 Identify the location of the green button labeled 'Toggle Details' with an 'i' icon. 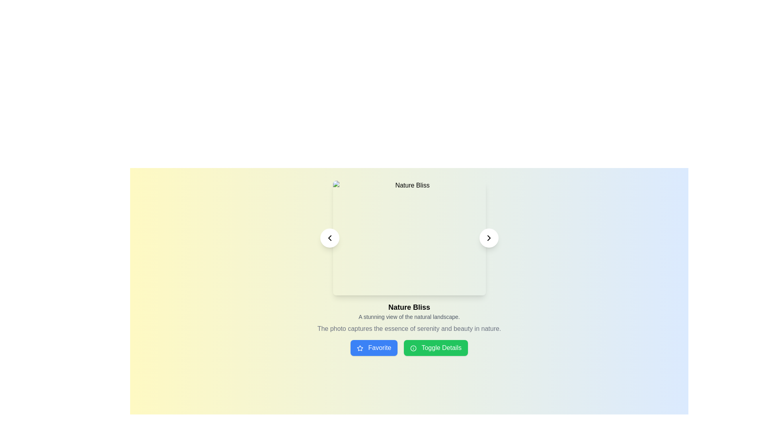
(435, 348).